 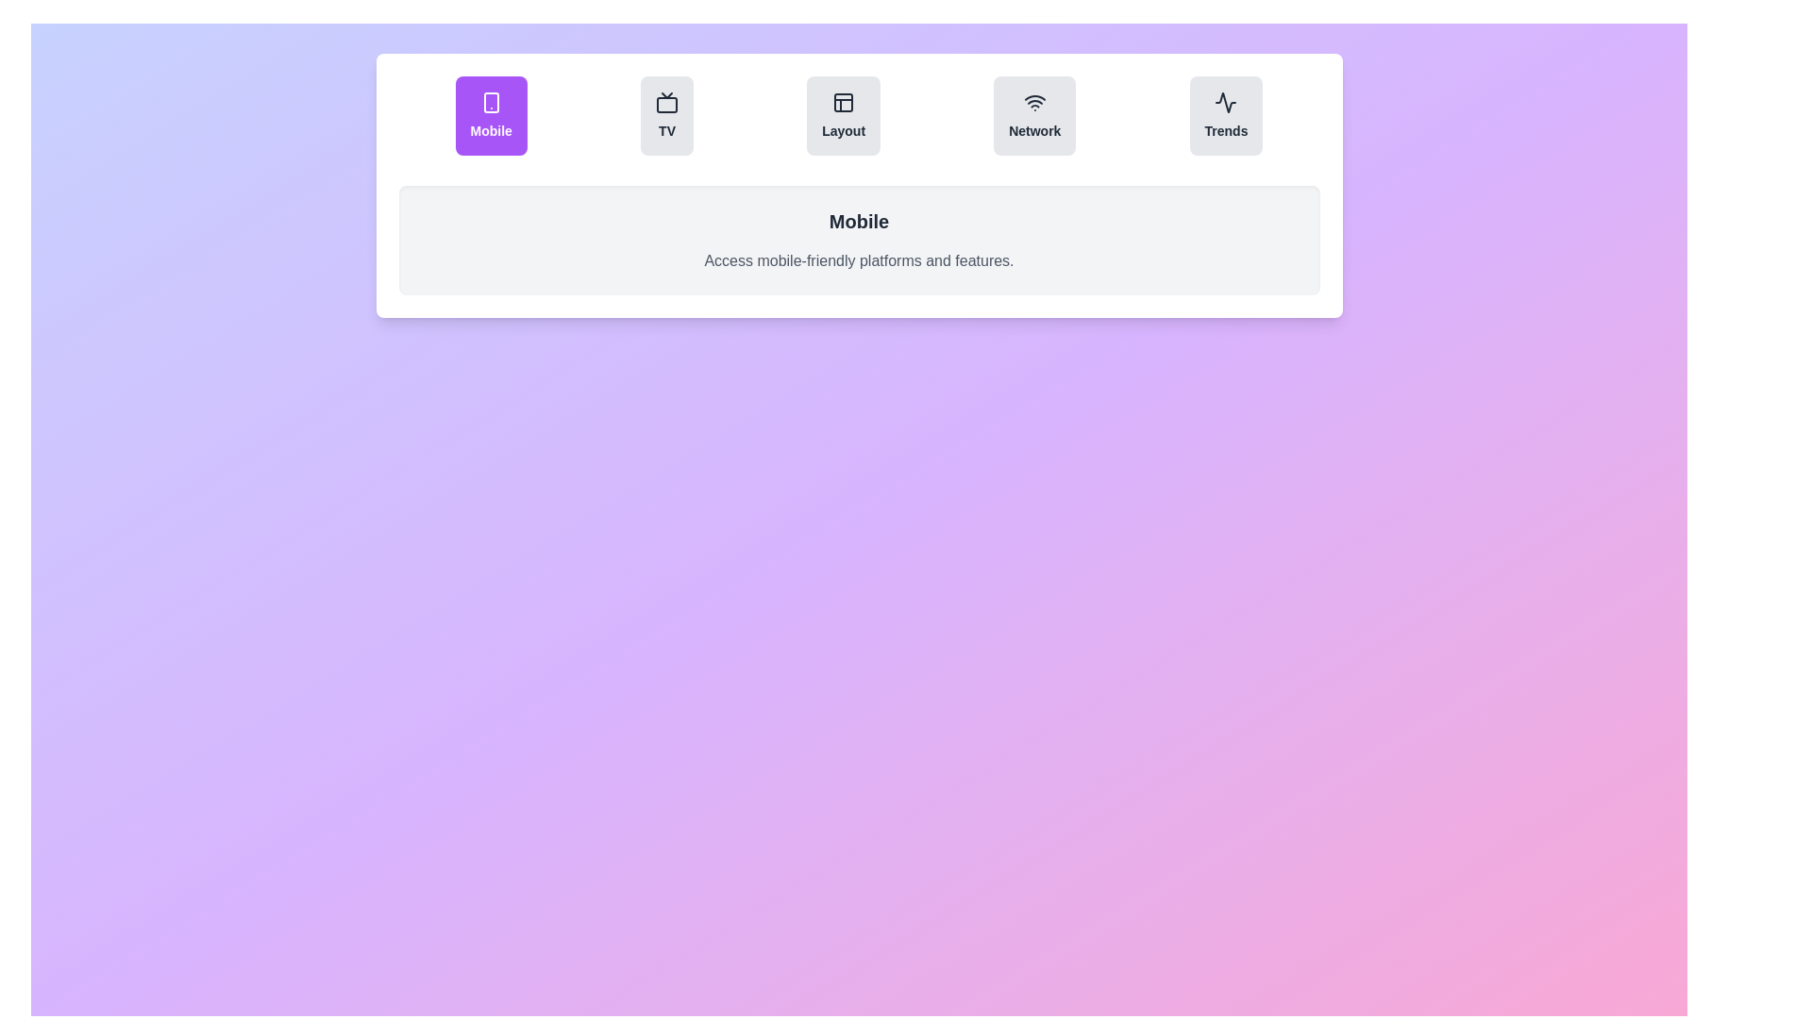 I want to click on the 'Trends' button, which is the fifth button in a horizontal row of options including 'Mobile', 'TV', 'Layout', and 'Network', so click(x=1226, y=116).